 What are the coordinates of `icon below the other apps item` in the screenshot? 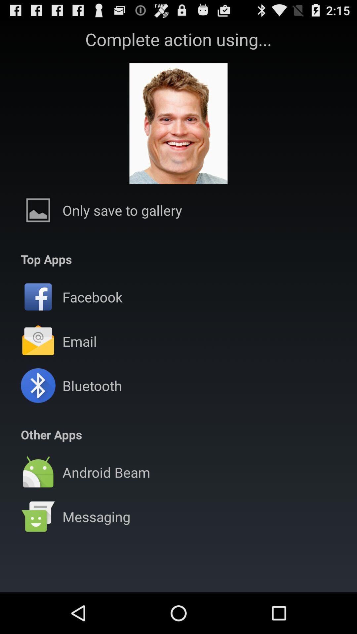 It's located at (178, 450).